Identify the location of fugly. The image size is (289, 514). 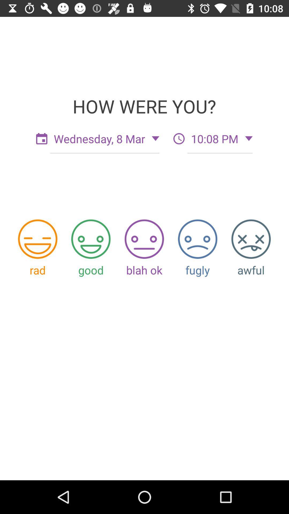
(197, 239).